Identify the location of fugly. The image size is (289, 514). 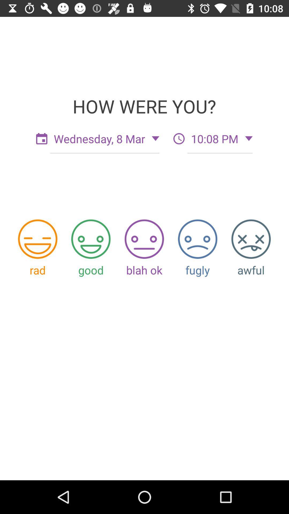
(197, 239).